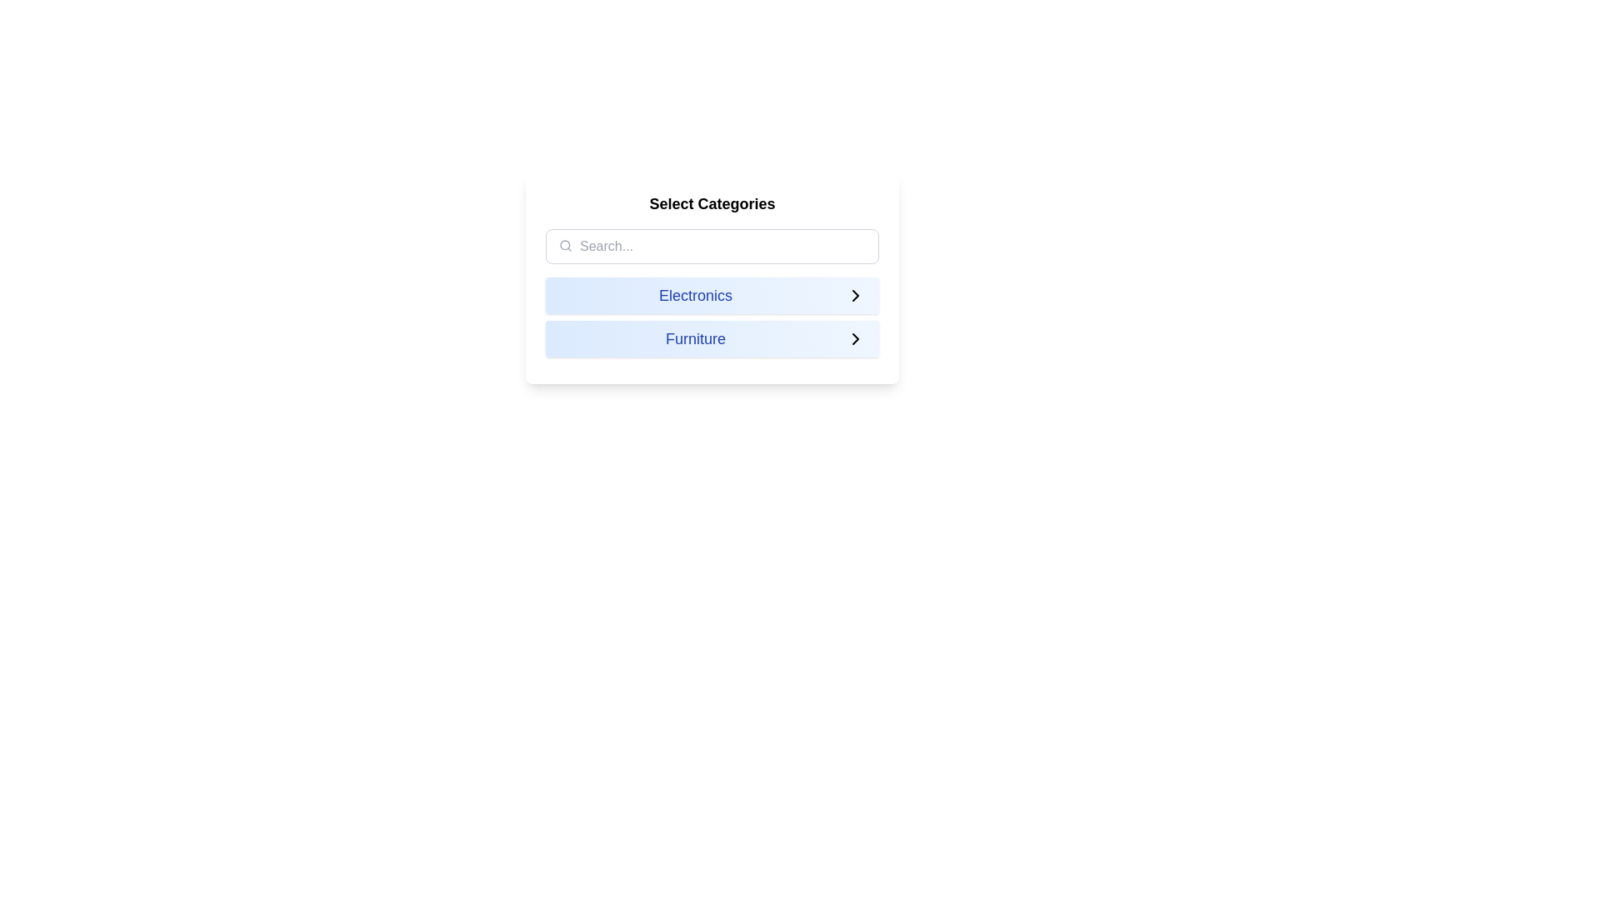 This screenshot has width=1600, height=900. I want to click on the search icon located at the left side of the input field in the search bar component, which indicates the search functionality for the adjacent text input field, so click(565, 245).